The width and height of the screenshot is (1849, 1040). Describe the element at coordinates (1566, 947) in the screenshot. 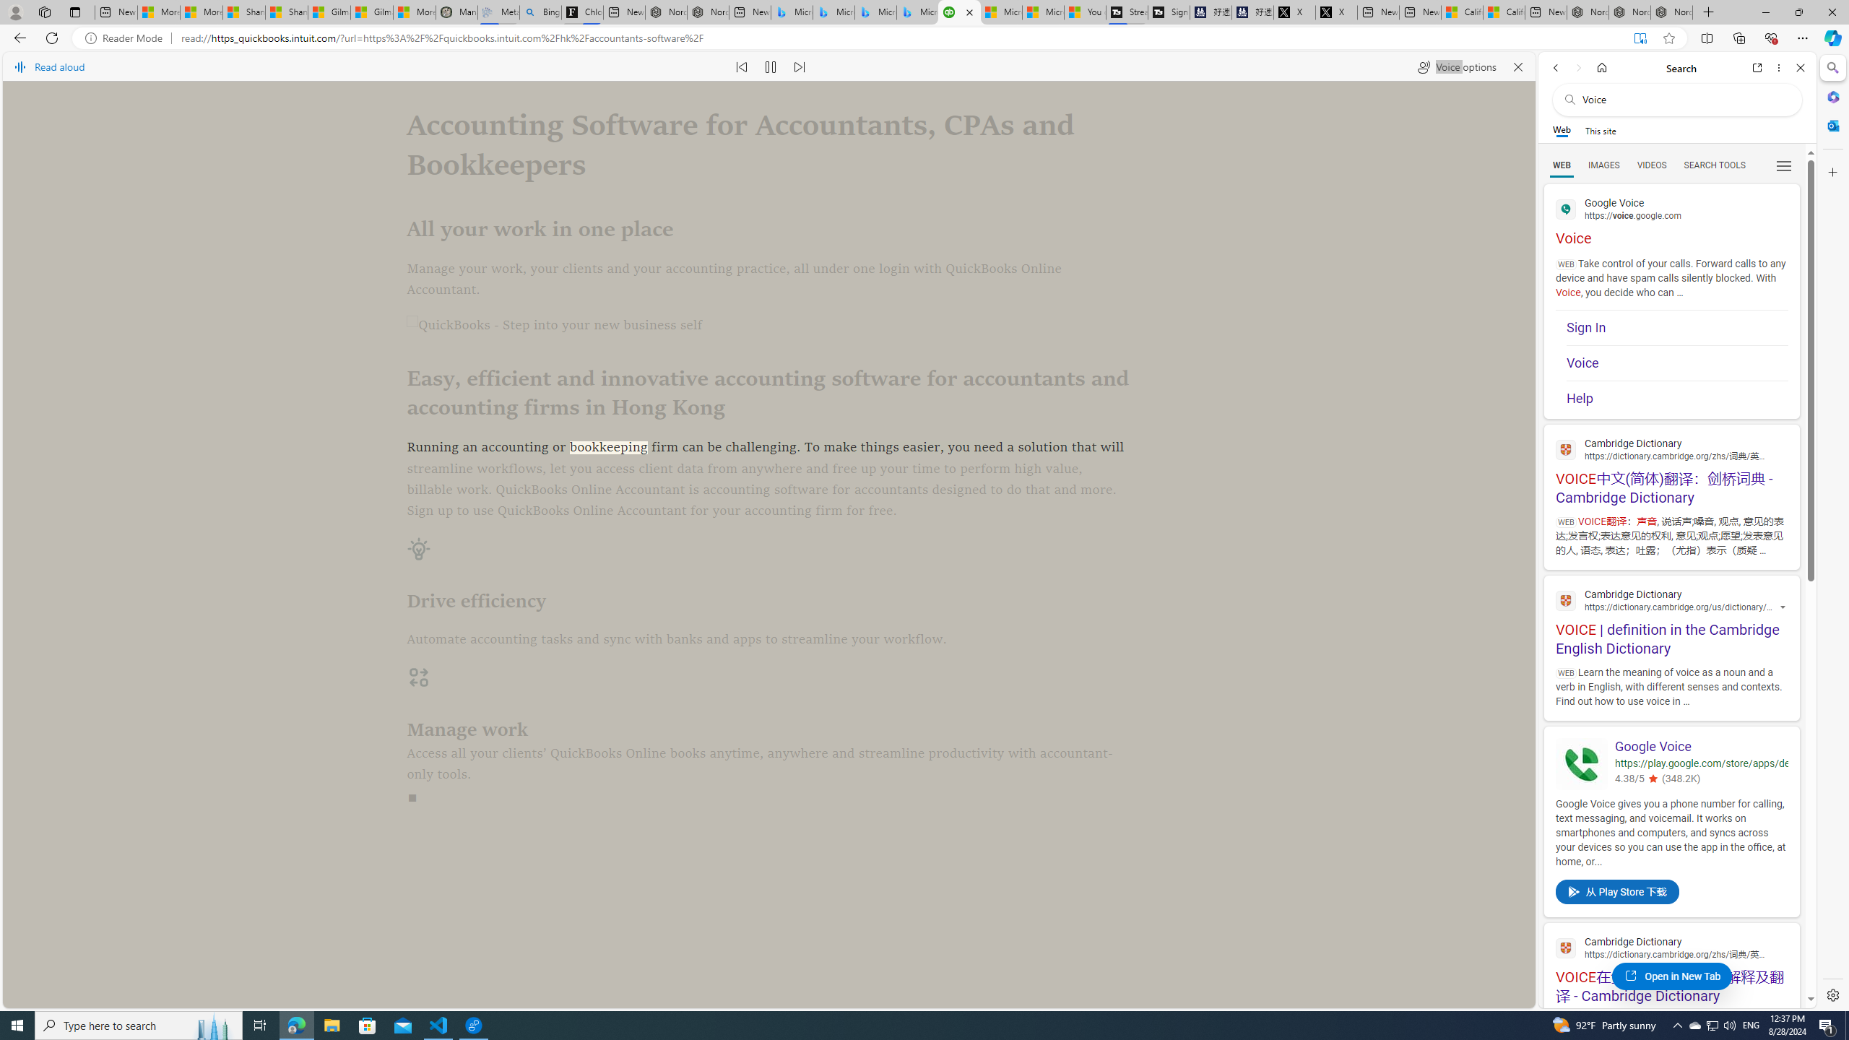

I see `'Global web icon'` at that location.